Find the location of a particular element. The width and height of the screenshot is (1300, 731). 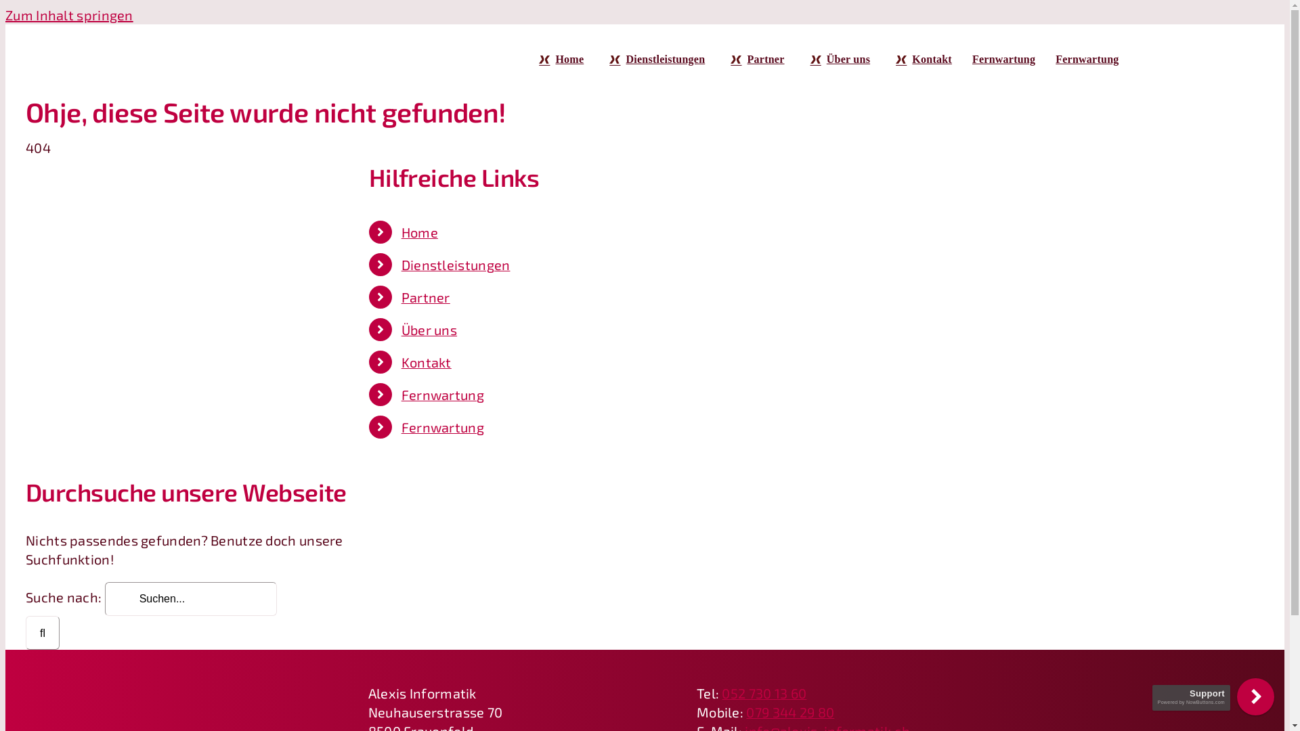

'Home' is located at coordinates (559, 59).